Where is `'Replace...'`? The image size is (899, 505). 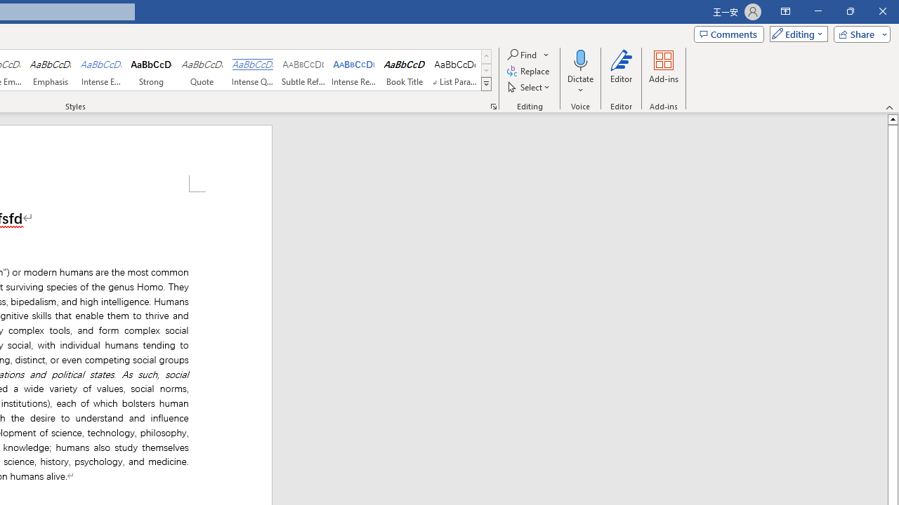 'Replace...' is located at coordinates (528, 71).